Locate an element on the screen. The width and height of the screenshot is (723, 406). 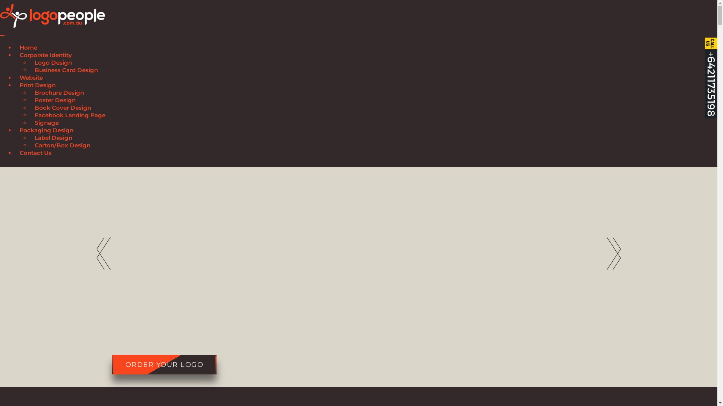
'Book Cover Design' is located at coordinates (63, 109).